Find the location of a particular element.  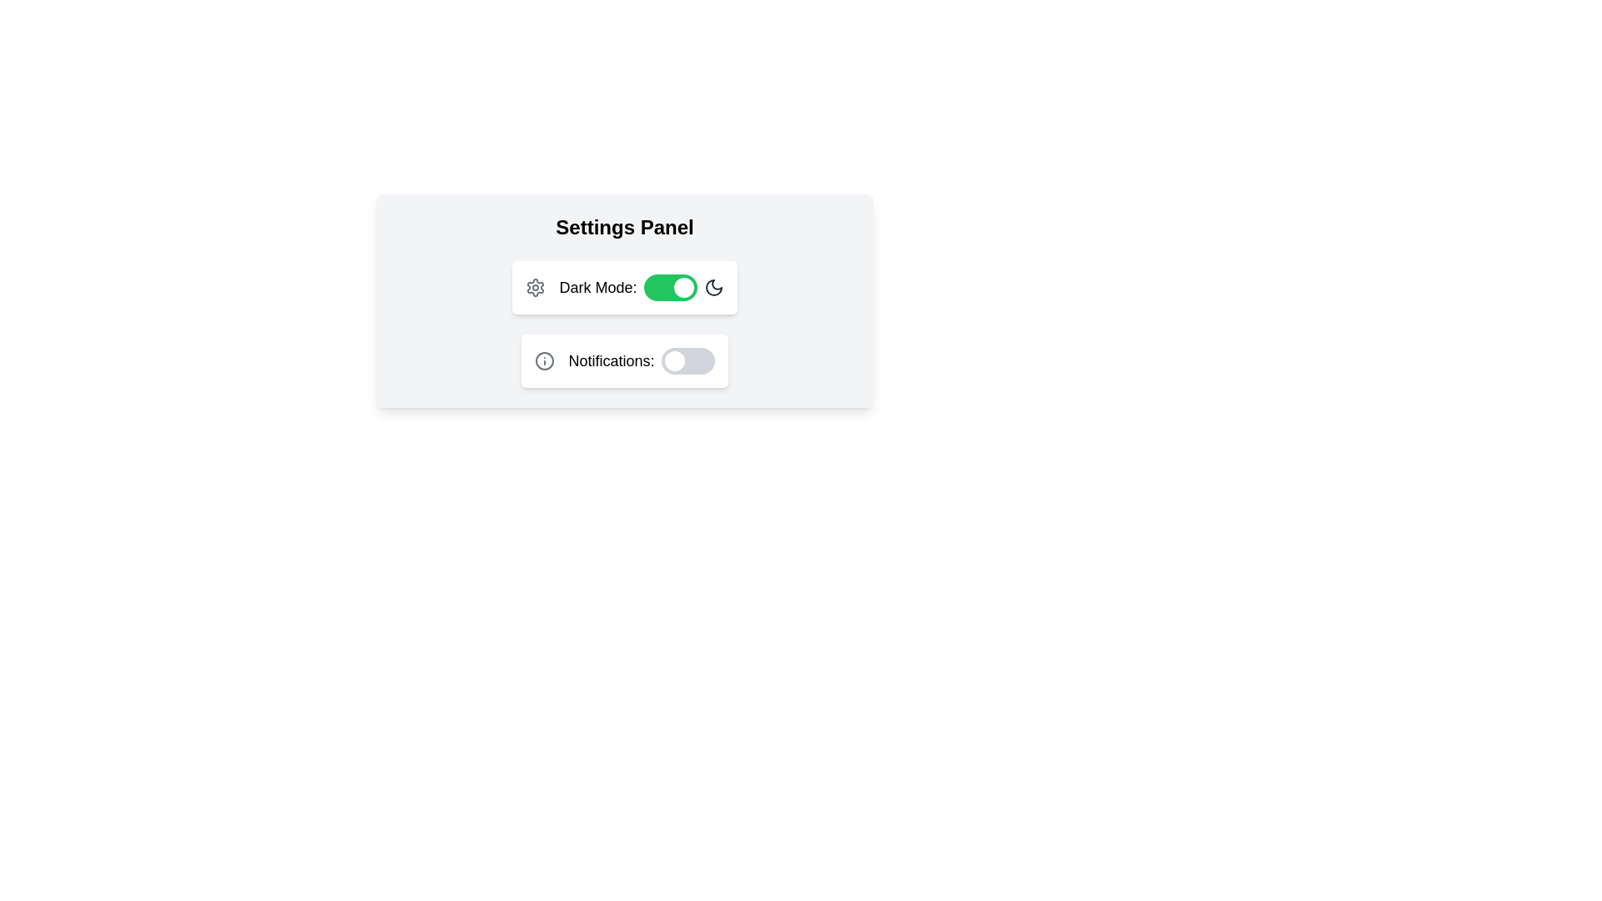

the bold title 'Settings Panel' which is prominently displayed at the top center of its card layout is located at coordinates (623, 228).